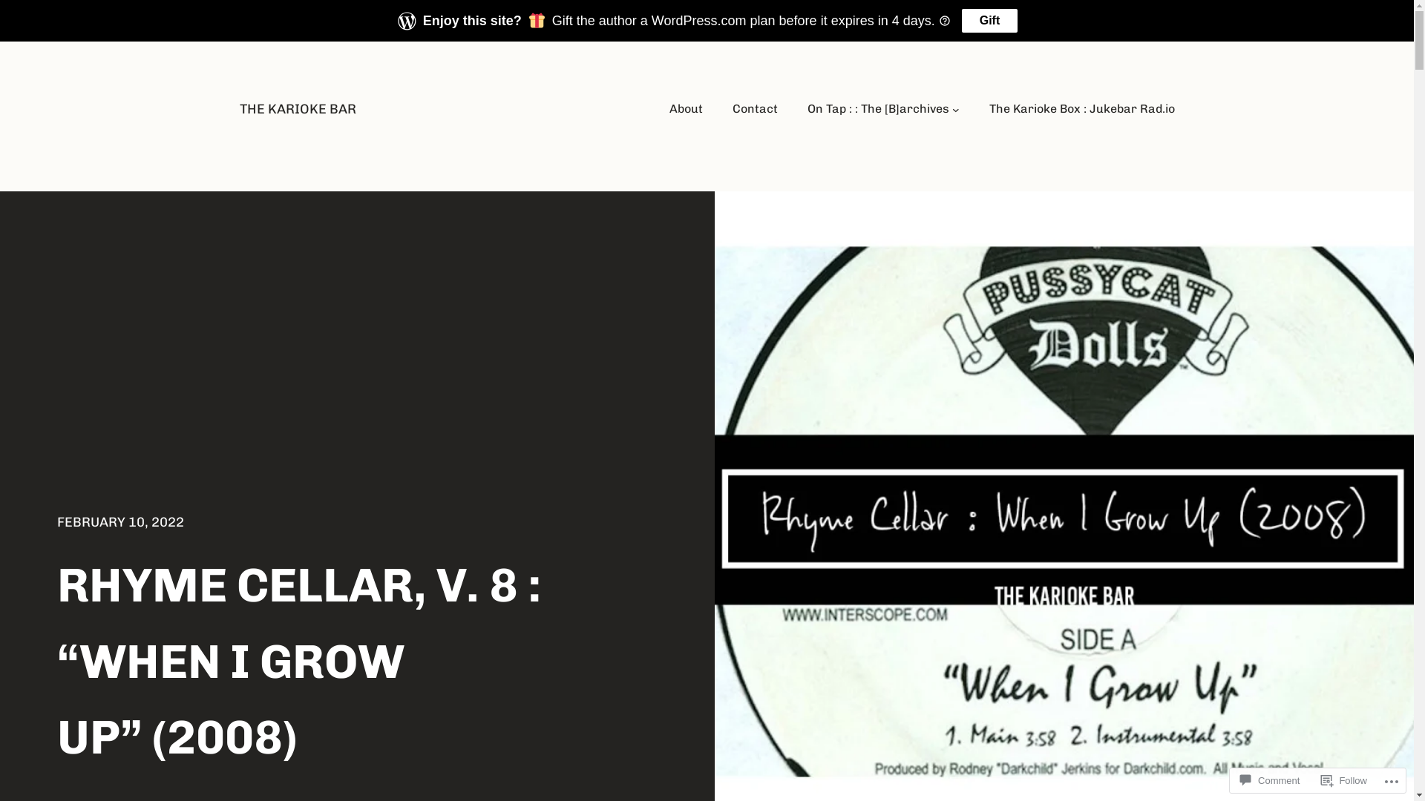 The image size is (1425, 801). What do you see at coordinates (1081, 108) in the screenshot?
I see `'The Karioke Box : Jukebar Rad.io'` at bounding box center [1081, 108].